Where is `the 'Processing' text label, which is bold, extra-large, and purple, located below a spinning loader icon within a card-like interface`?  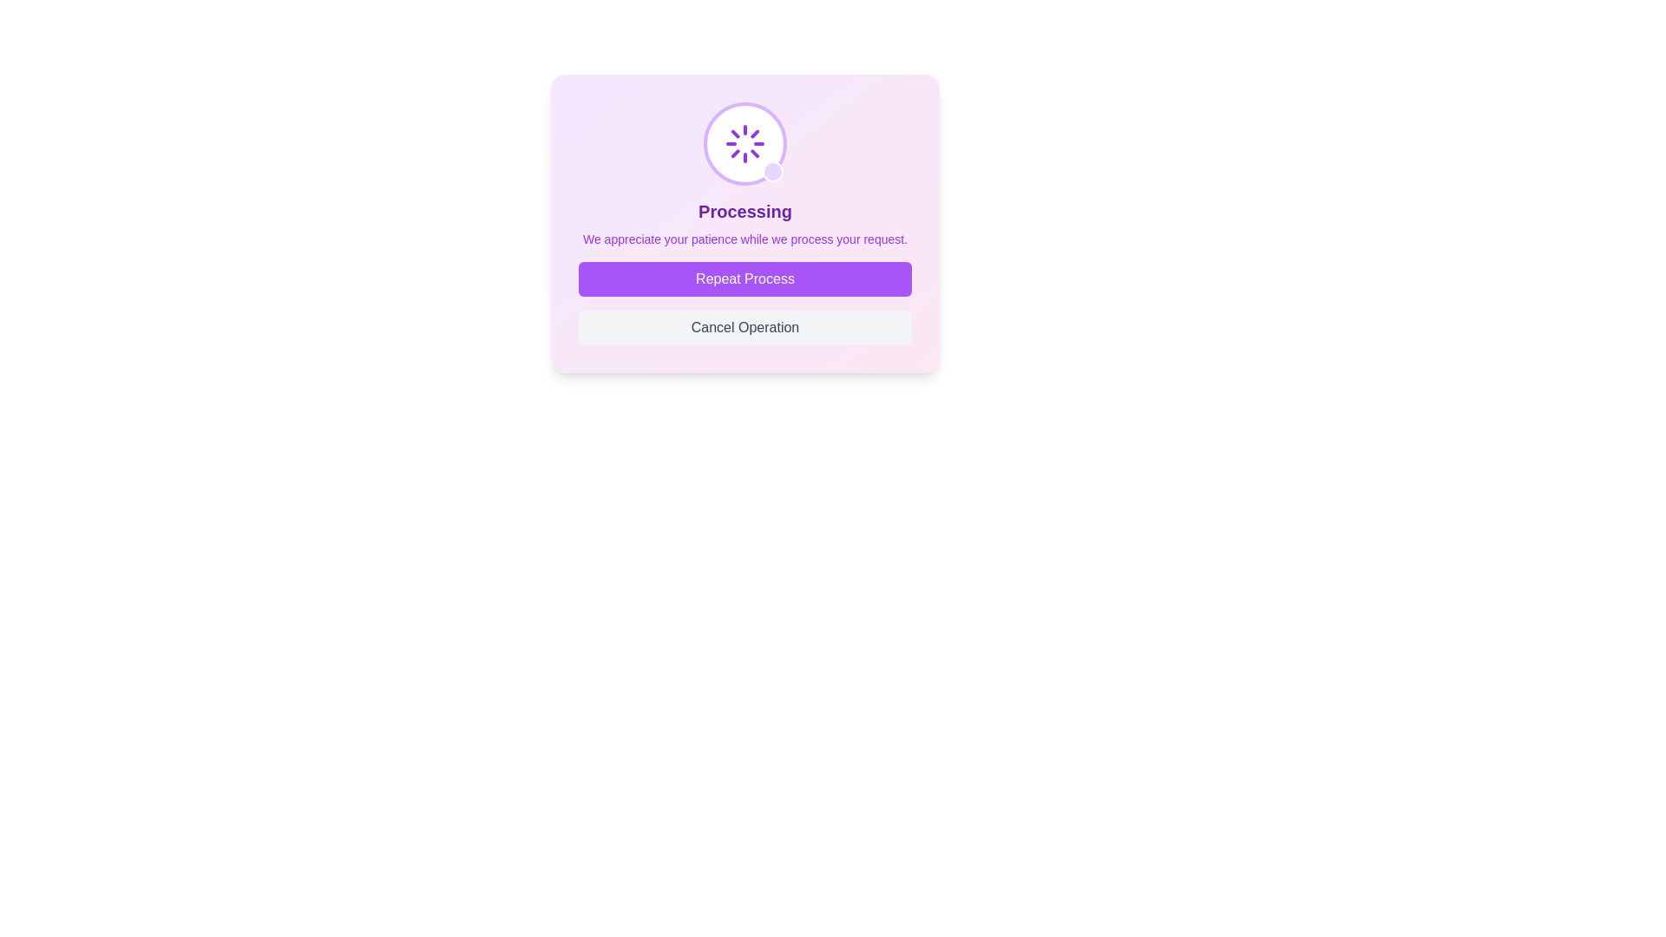
the 'Processing' text label, which is bold, extra-large, and purple, located below a spinning loader icon within a card-like interface is located at coordinates (745, 210).